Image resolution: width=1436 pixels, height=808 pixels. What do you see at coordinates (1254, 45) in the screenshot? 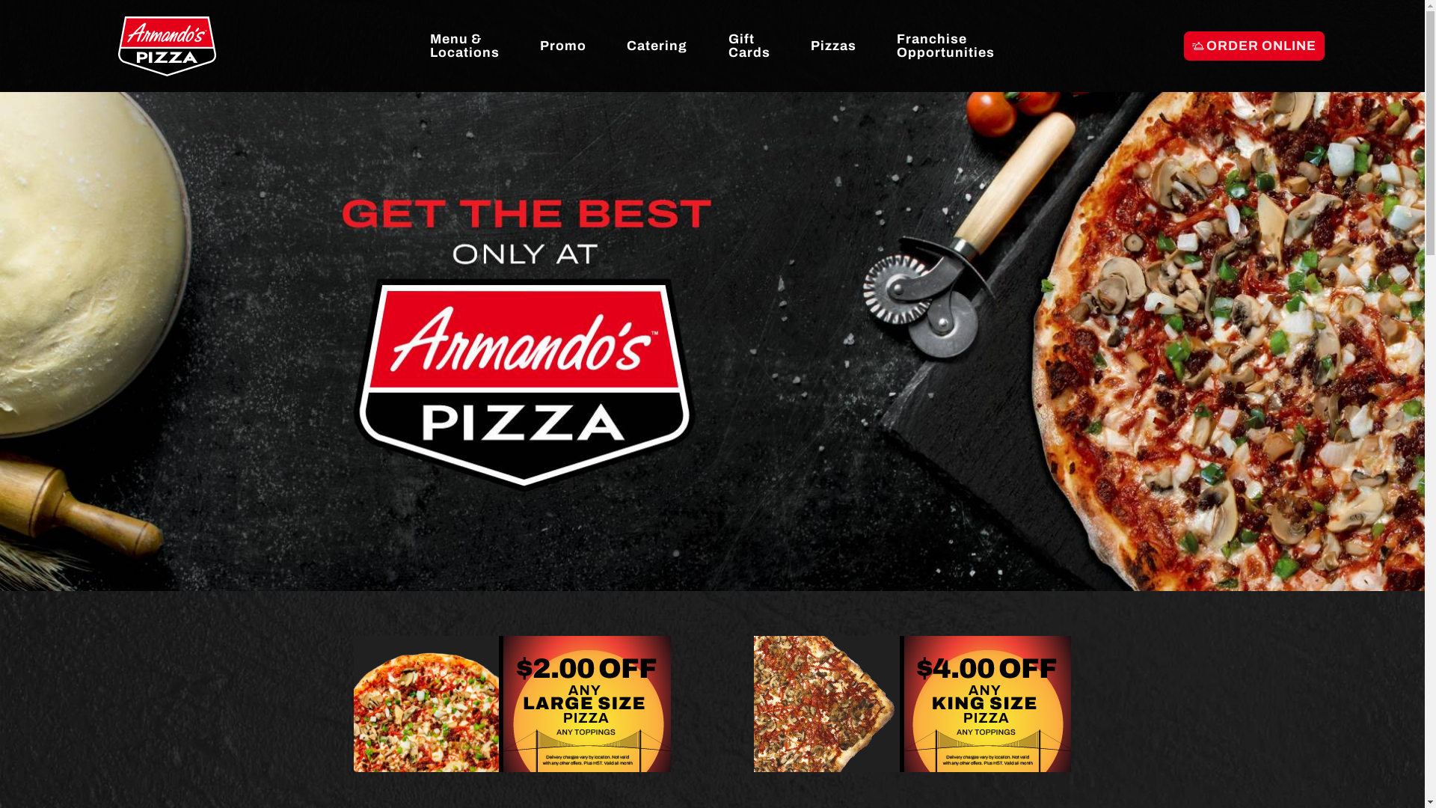
I see `'ORDER ONLINE'` at bounding box center [1254, 45].